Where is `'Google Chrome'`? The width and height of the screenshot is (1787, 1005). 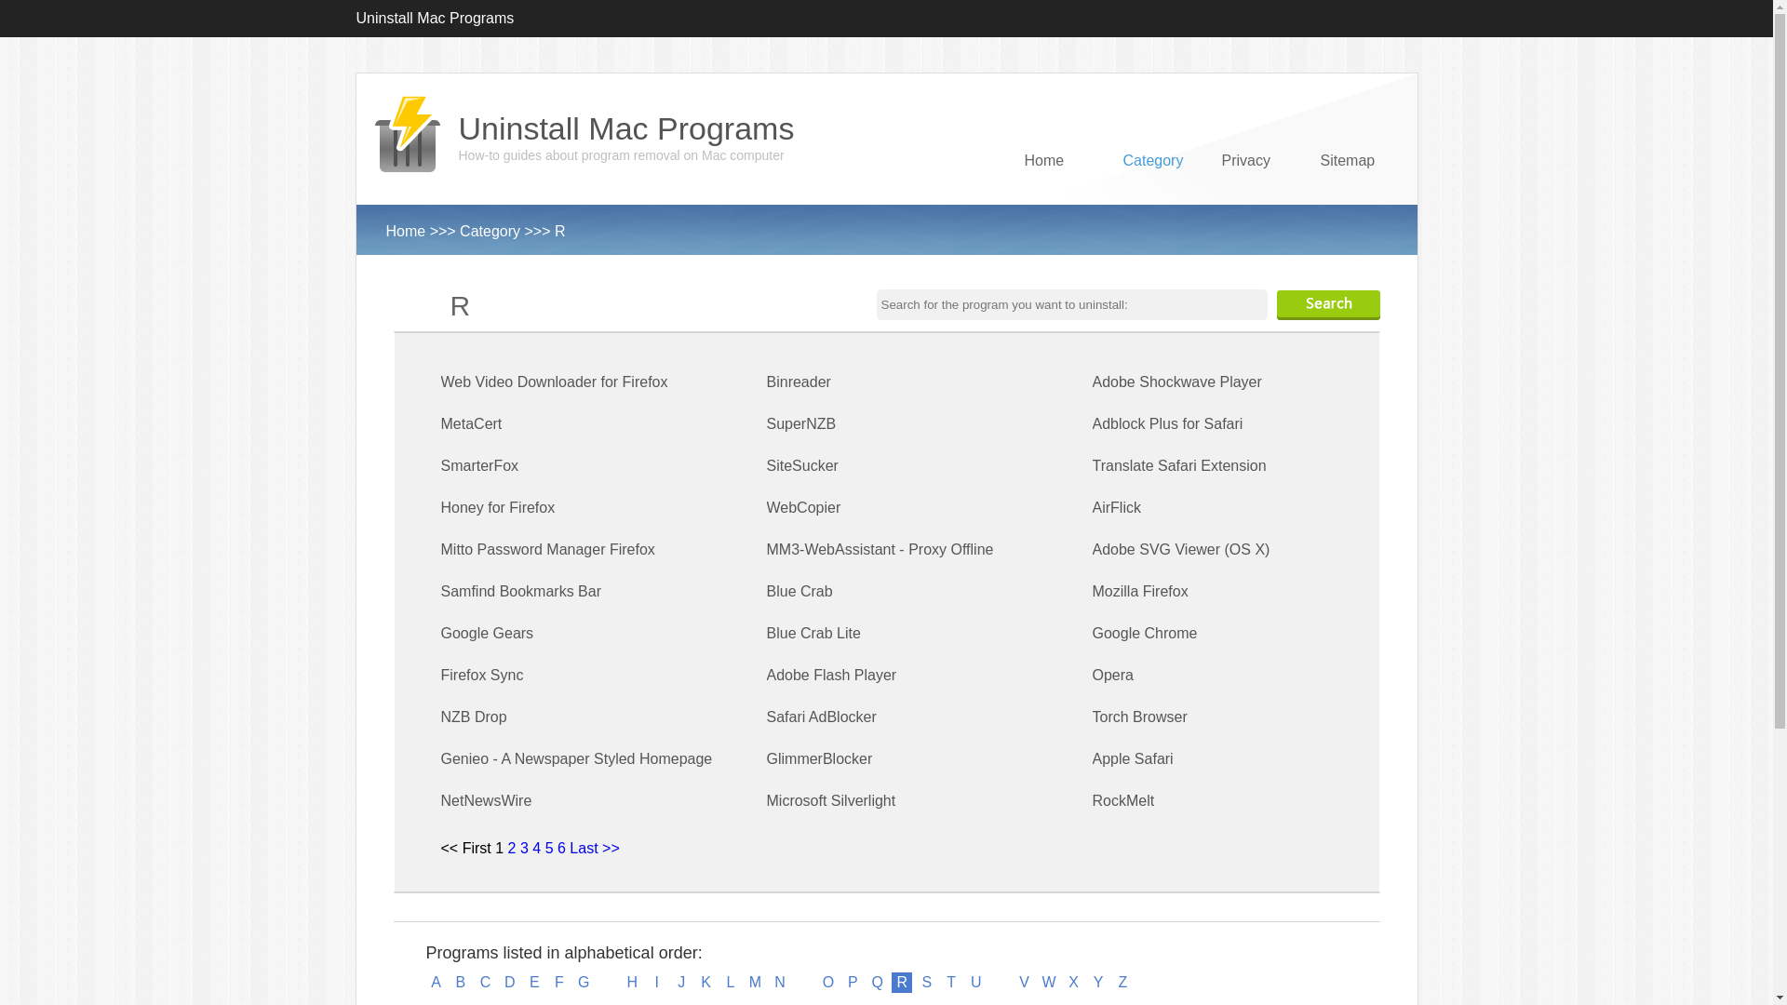
'Google Chrome' is located at coordinates (1144, 632).